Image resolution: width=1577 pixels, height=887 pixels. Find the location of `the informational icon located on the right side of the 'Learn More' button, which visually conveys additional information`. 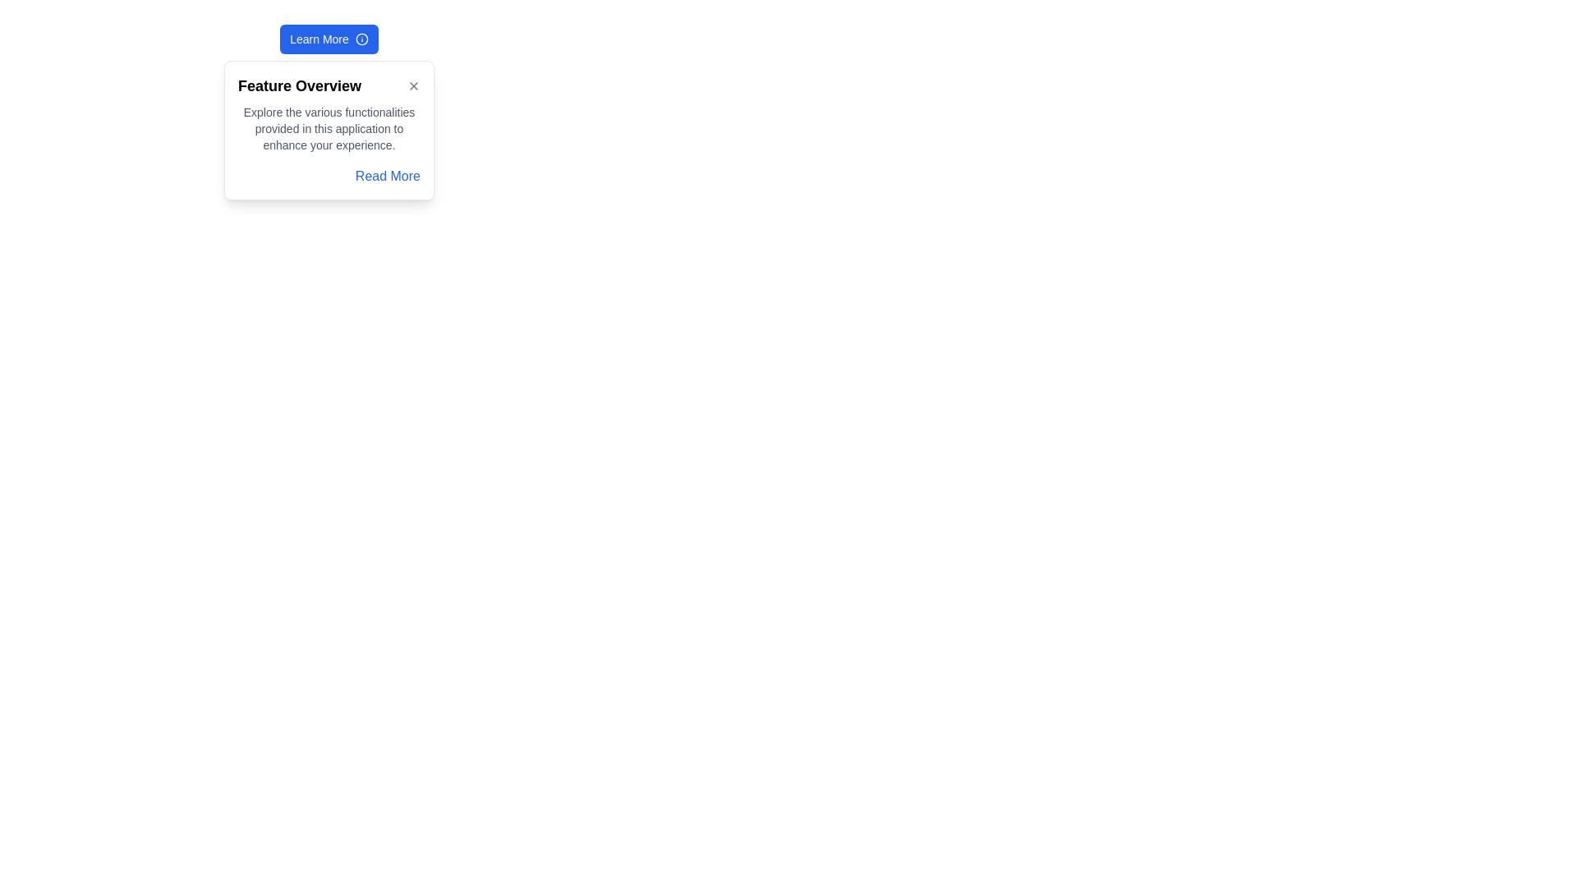

the informational icon located on the right side of the 'Learn More' button, which visually conveys additional information is located at coordinates (361, 38).